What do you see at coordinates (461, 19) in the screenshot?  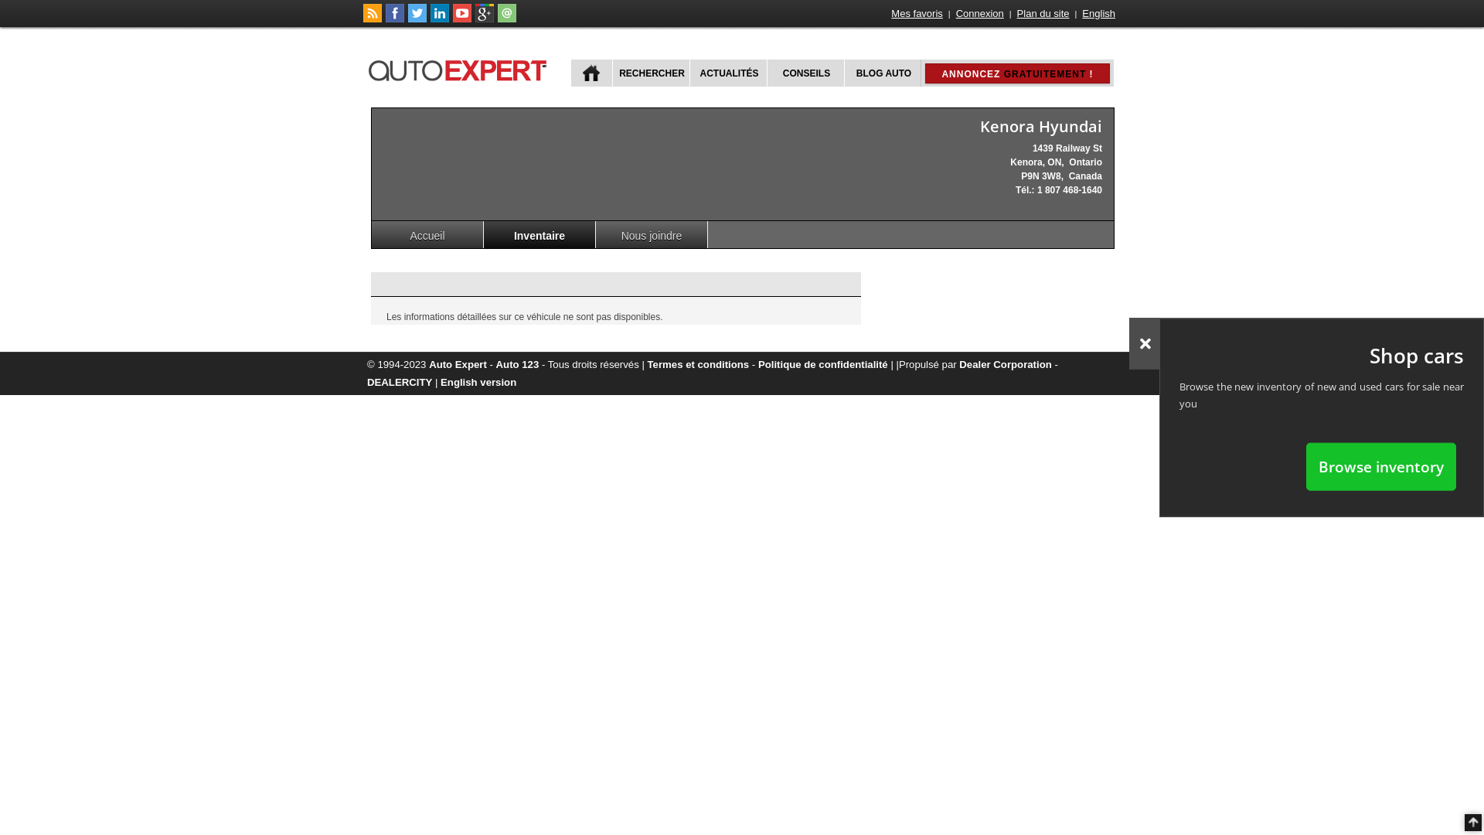 I see `'Suivez autoExpert.ca sur Youtube'` at bounding box center [461, 19].